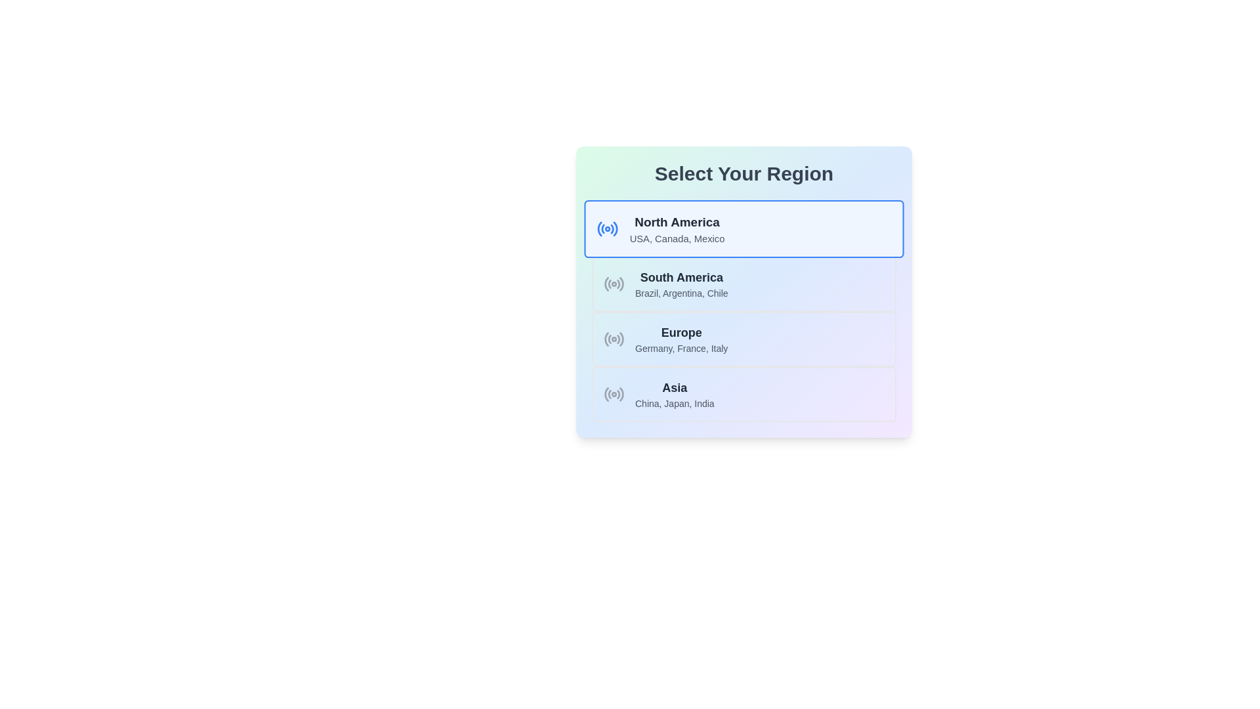 This screenshot has height=709, width=1260. Describe the element at coordinates (675, 387) in the screenshot. I see `the text label displaying 'Asia', which is the first line of text in the 'Select Your Region' panel` at that location.